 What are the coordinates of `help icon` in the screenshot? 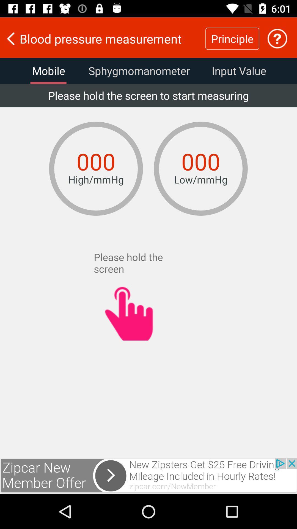 It's located at (277, 38).